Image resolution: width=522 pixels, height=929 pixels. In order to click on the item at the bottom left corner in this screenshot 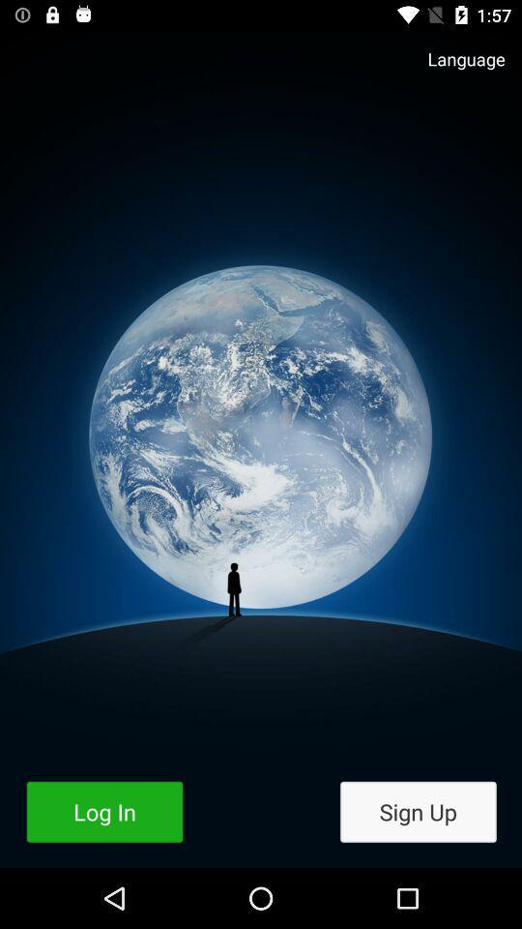, I will do `click(104, 812)`.